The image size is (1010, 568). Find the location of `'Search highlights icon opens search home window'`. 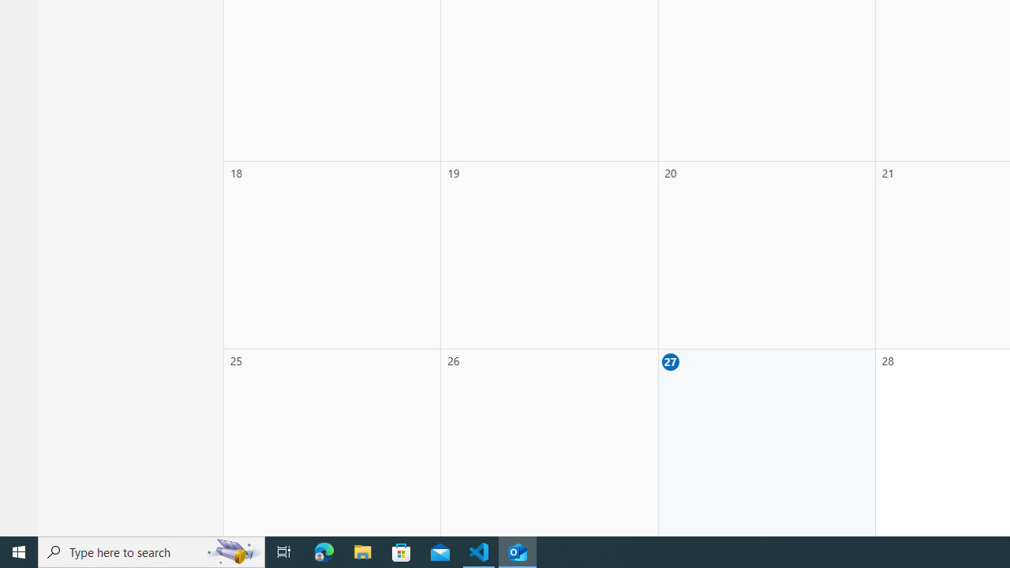

'Search highlights icon opens search home window' is located at coordinates (232, 551).